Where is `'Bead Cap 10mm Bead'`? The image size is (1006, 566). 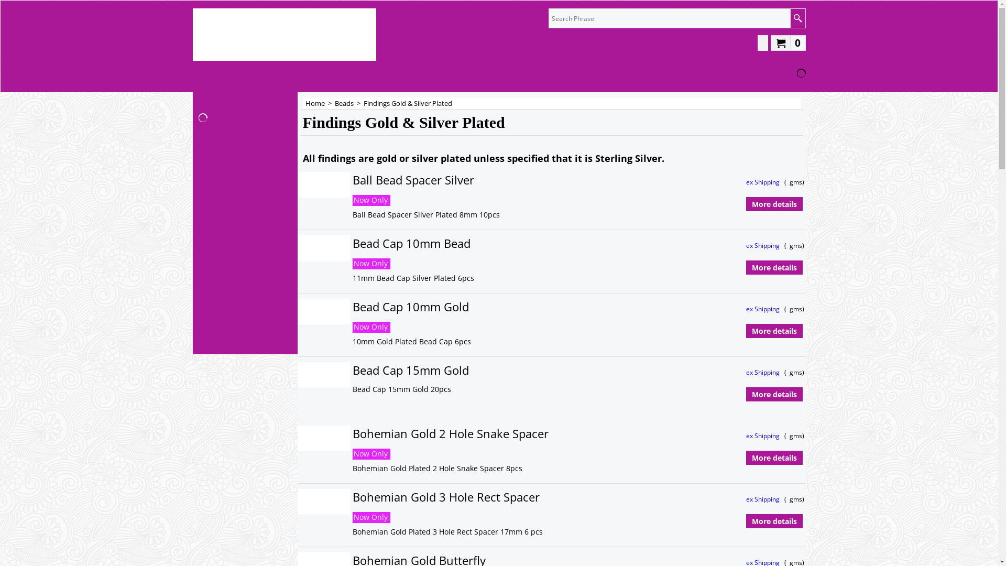
'Bead Cap 10mm Bead' is located at coordinates (501, 243).